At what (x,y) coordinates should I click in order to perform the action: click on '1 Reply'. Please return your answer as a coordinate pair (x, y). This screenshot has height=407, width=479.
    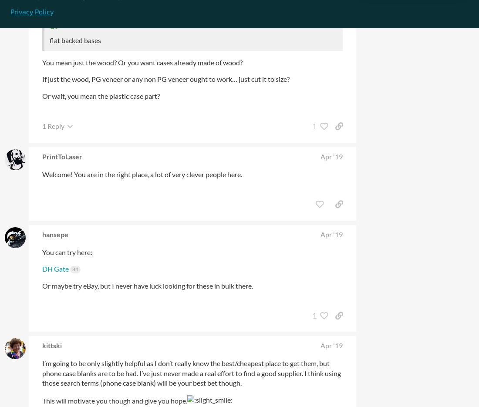
    Looking at the image, I should click on (53, 125).